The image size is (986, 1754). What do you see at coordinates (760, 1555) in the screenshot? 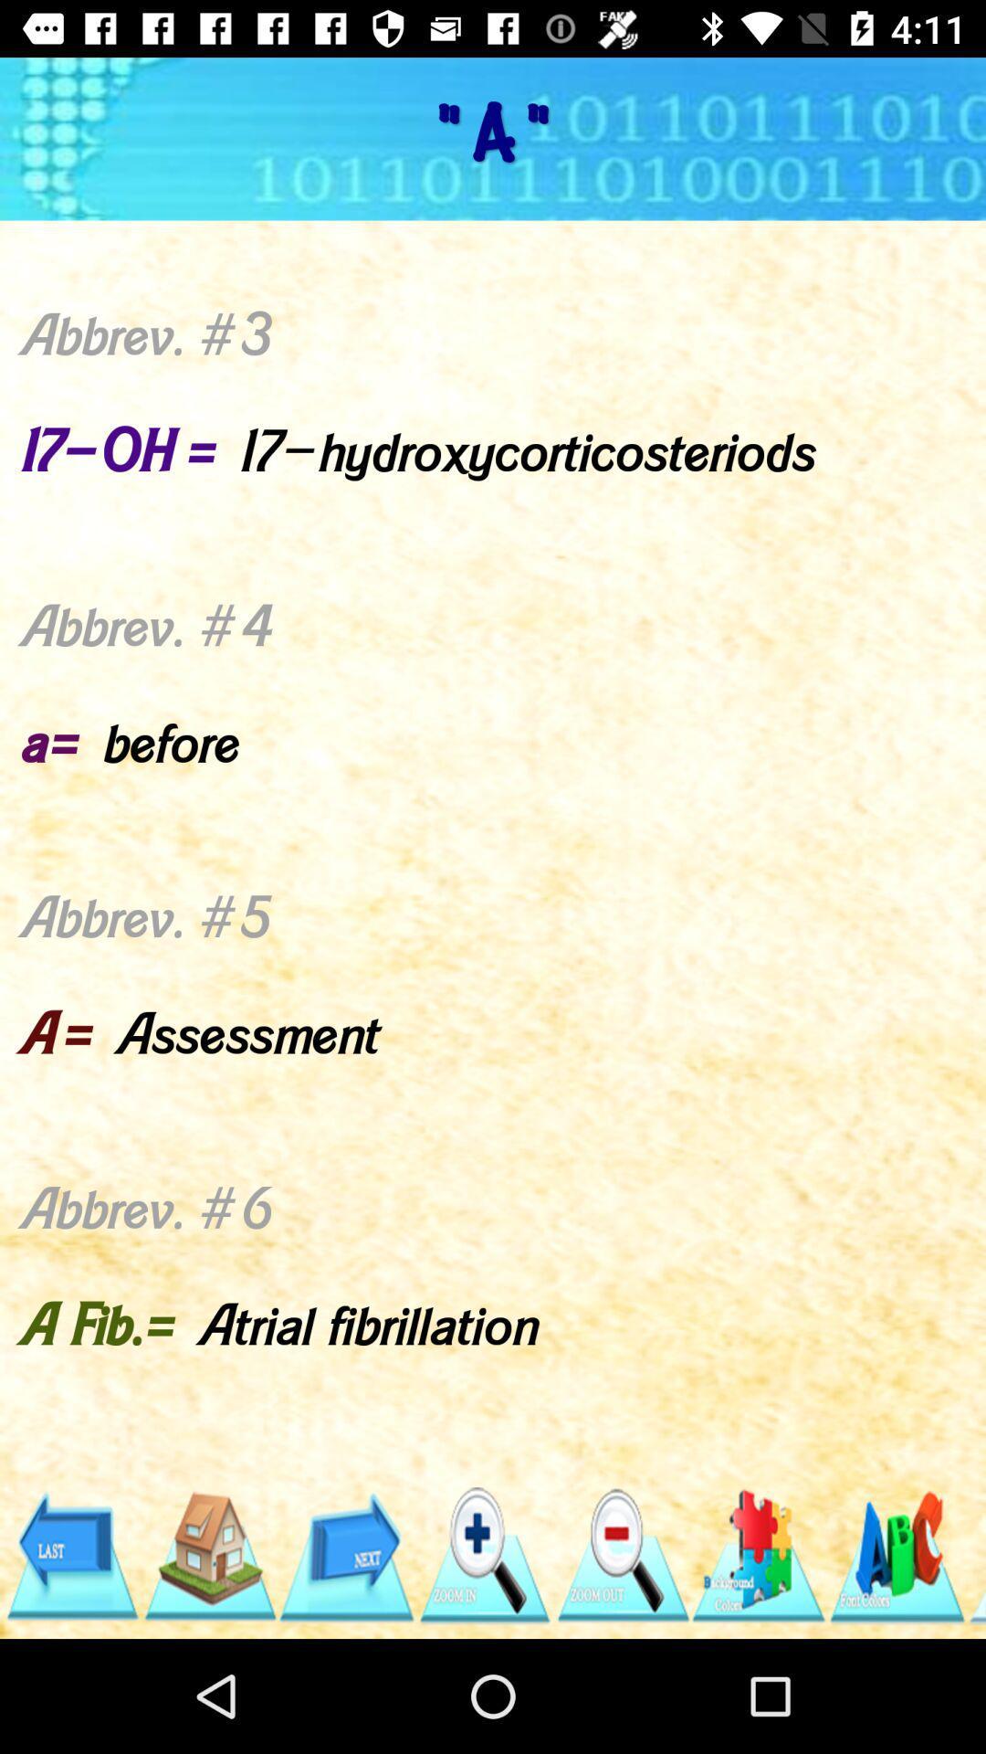
I see `puzzle application option` at bounding box center [760, 1555].